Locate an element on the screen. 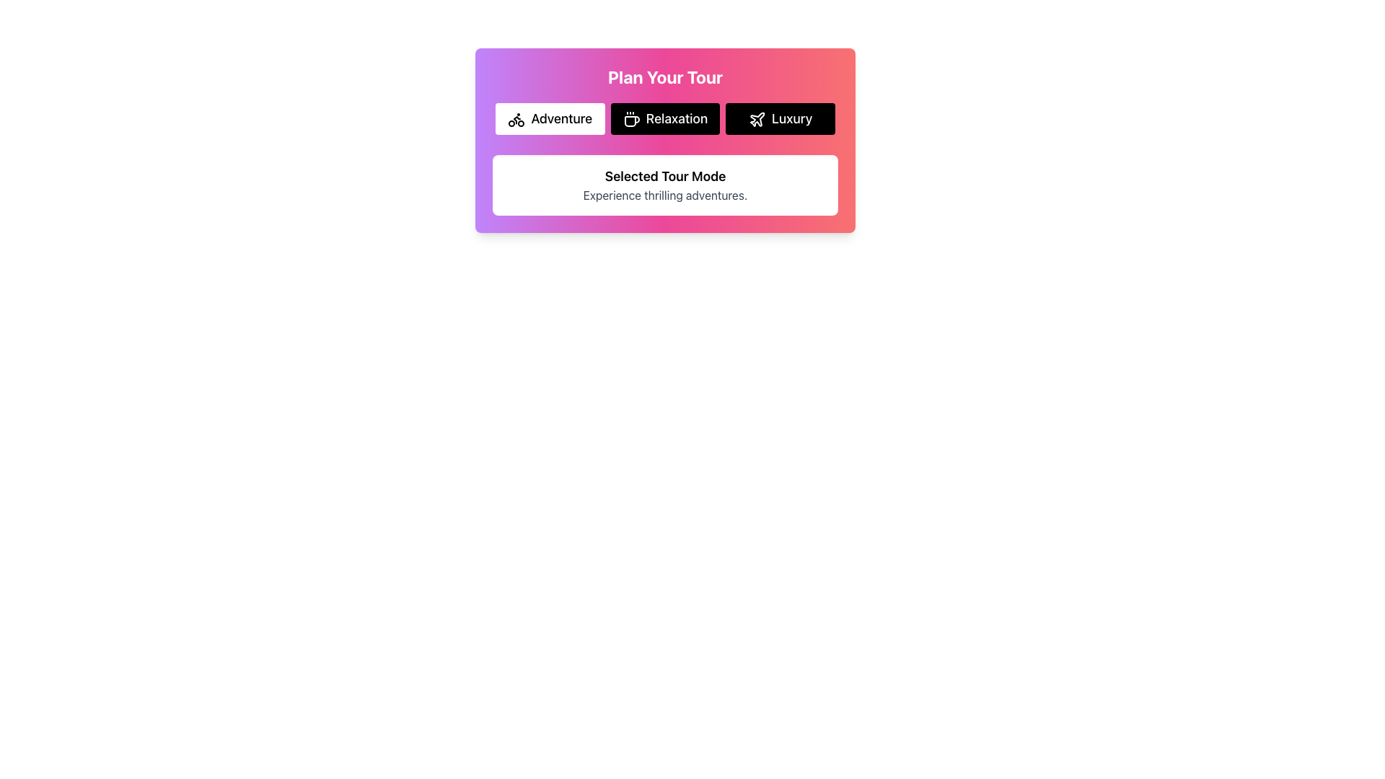  the 'Adventure' button, which is the first button in the group under the 'Plan Your Tour' header, featuring a bicycle icon and bold text is located at coordinates (549, 118).